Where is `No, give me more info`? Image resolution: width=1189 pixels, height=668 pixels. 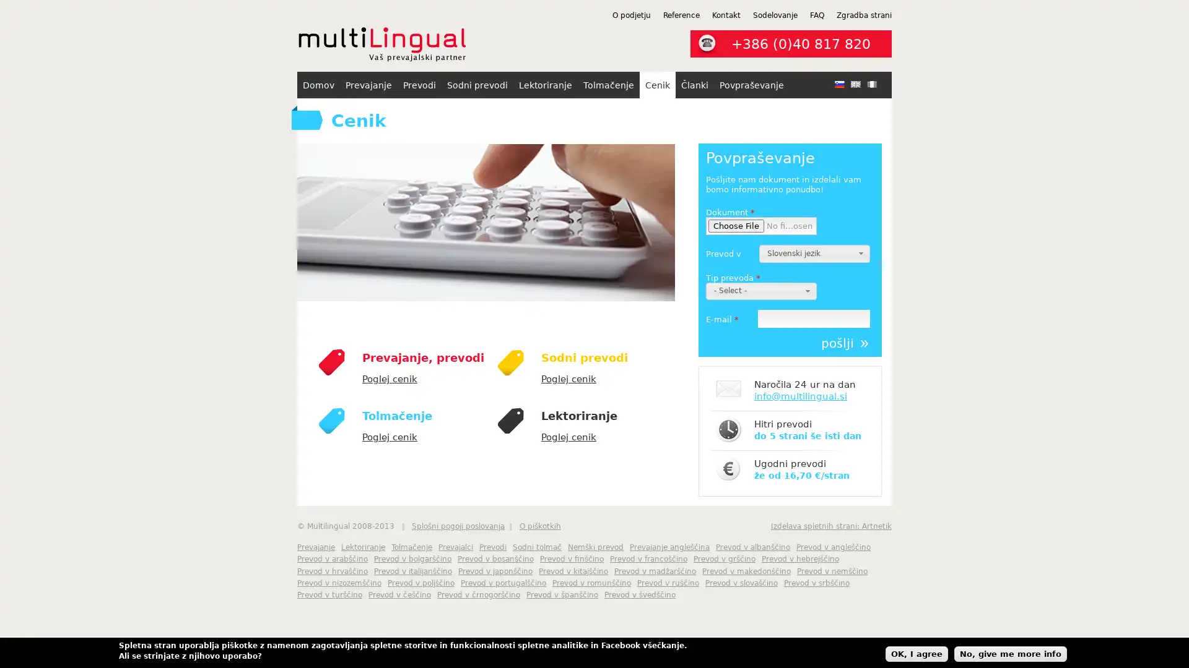
No, give me more info is located at coordinates (1011, 653).